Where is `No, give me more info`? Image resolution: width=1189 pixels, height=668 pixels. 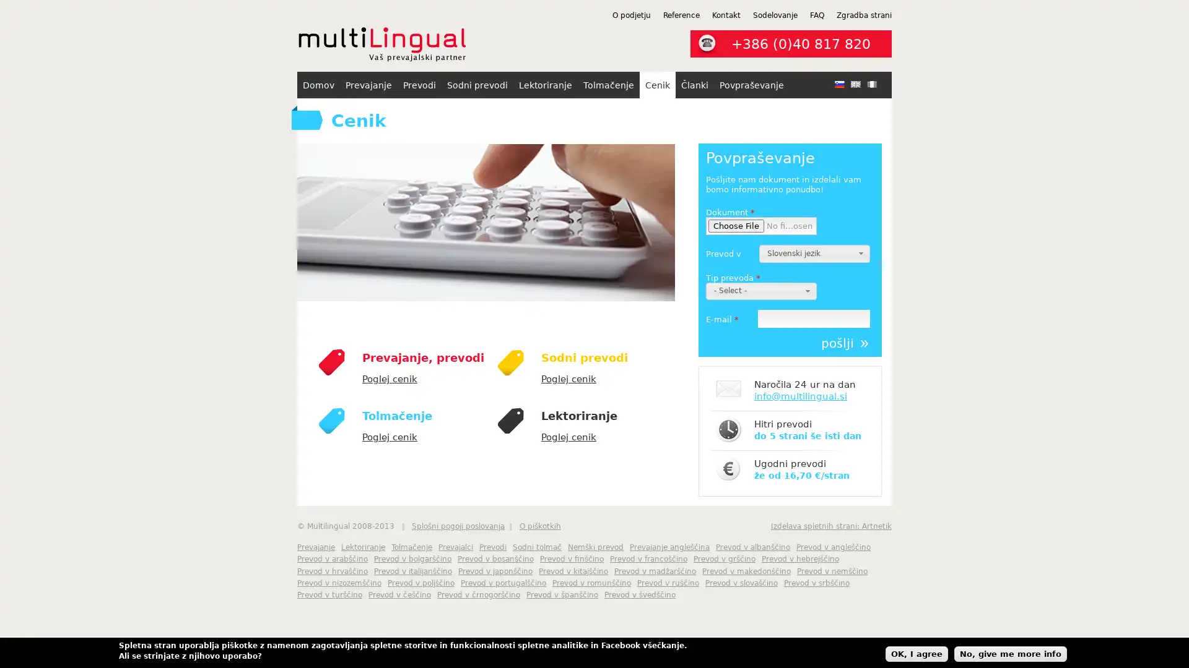
No, give me more info is located at coordinates (1011, 653).